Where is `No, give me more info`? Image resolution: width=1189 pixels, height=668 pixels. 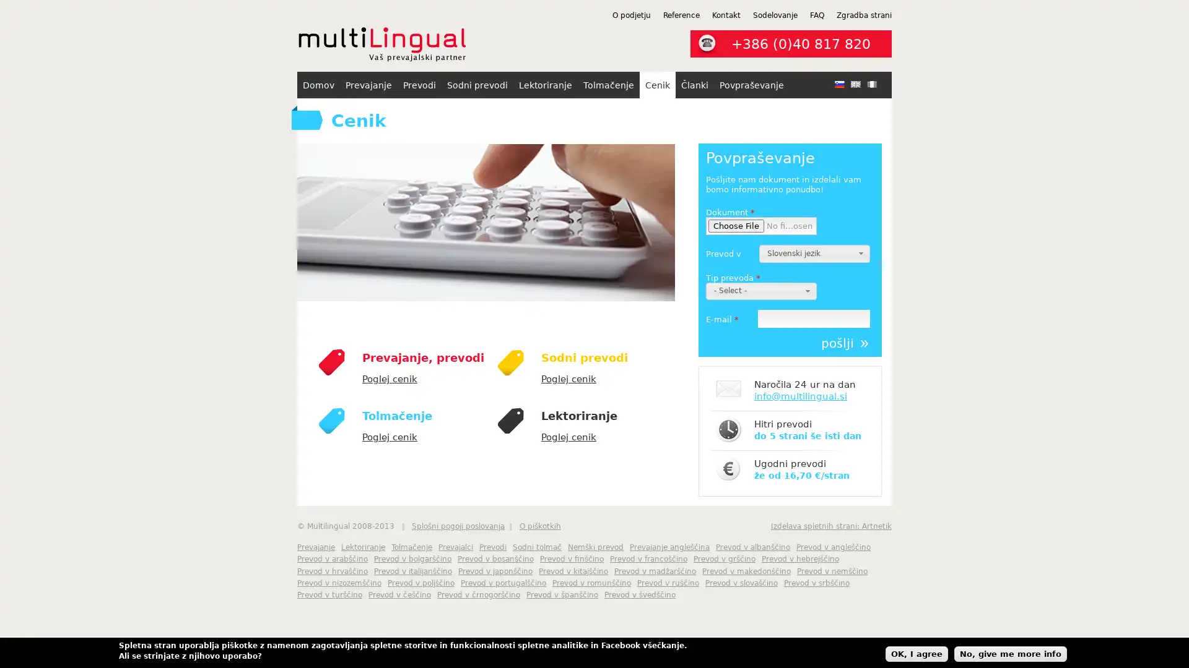
No, give me more info is located at coordinates (1011, 653).